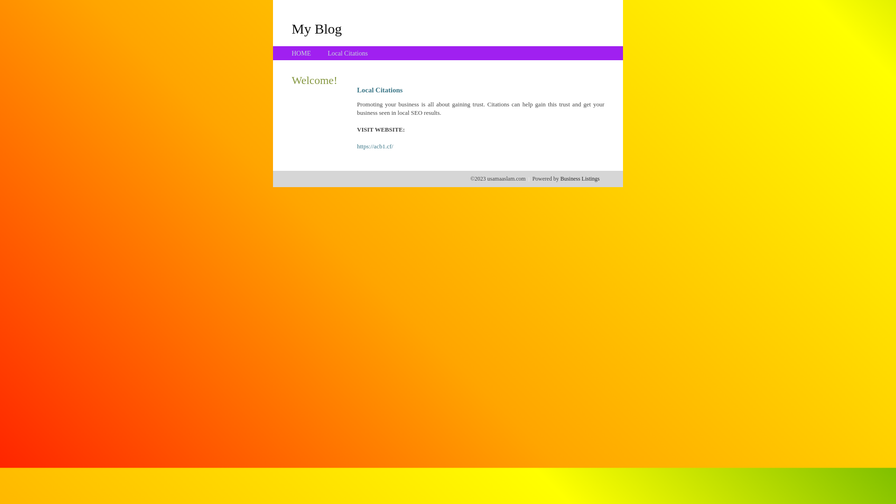 This screenshot has height=504, width=896. I want to click on 'Local Citations', so click(327, 53).